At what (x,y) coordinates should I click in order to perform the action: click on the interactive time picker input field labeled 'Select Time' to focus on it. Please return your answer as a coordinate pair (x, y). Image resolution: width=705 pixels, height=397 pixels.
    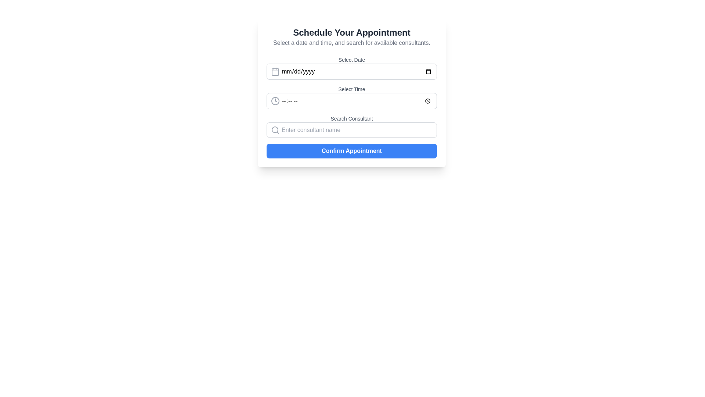
    Looking at the image, I should click on (351, 97).